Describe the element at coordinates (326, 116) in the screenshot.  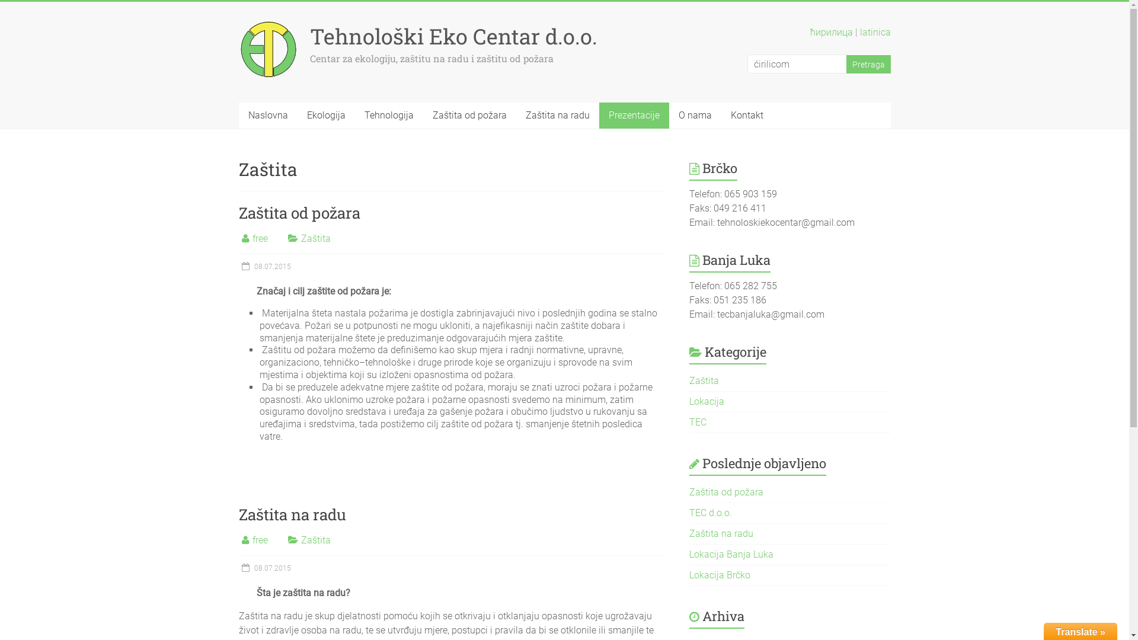
I see `'Ekologija'` at that location.